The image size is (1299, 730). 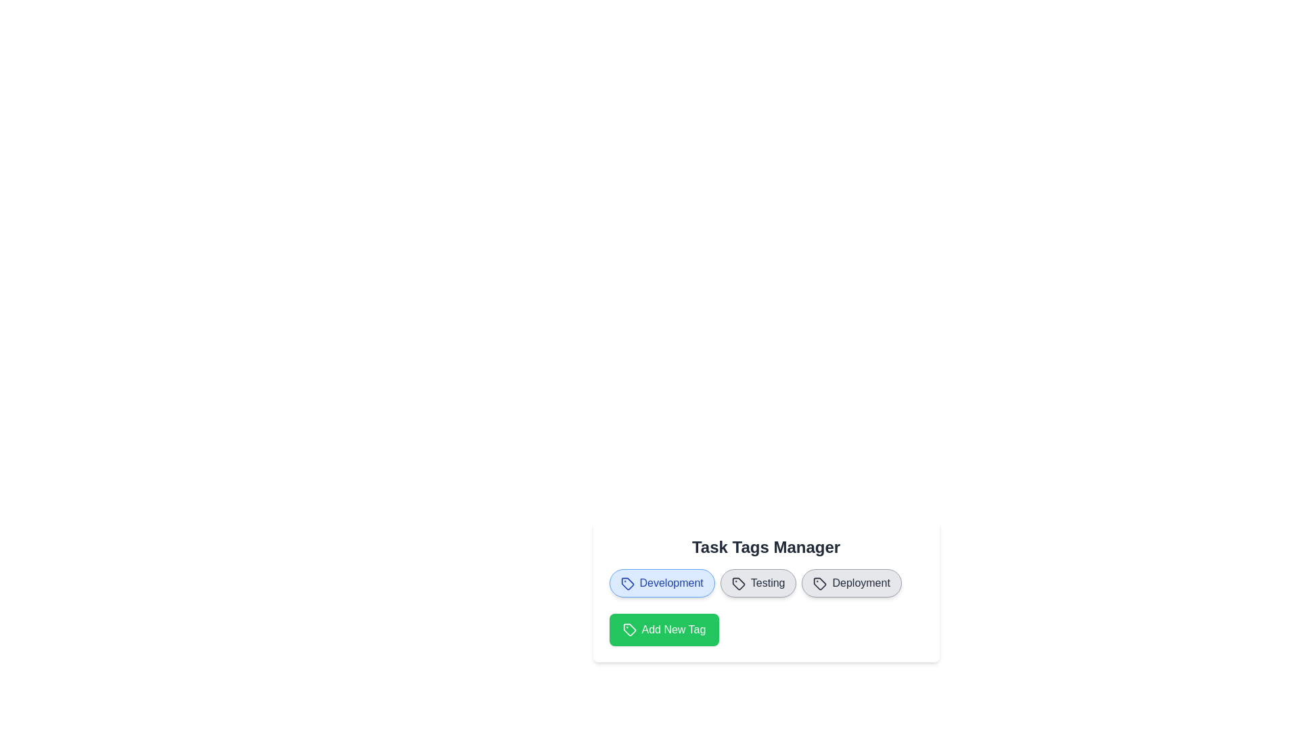 What do you see at coordinates (662, 583) in the screenshot?
I see `the 'Development' button, which is the first of three horizontally arranged buttons styled in light blue with a blue icon and bold blue text` at bounding box center [662, 583].